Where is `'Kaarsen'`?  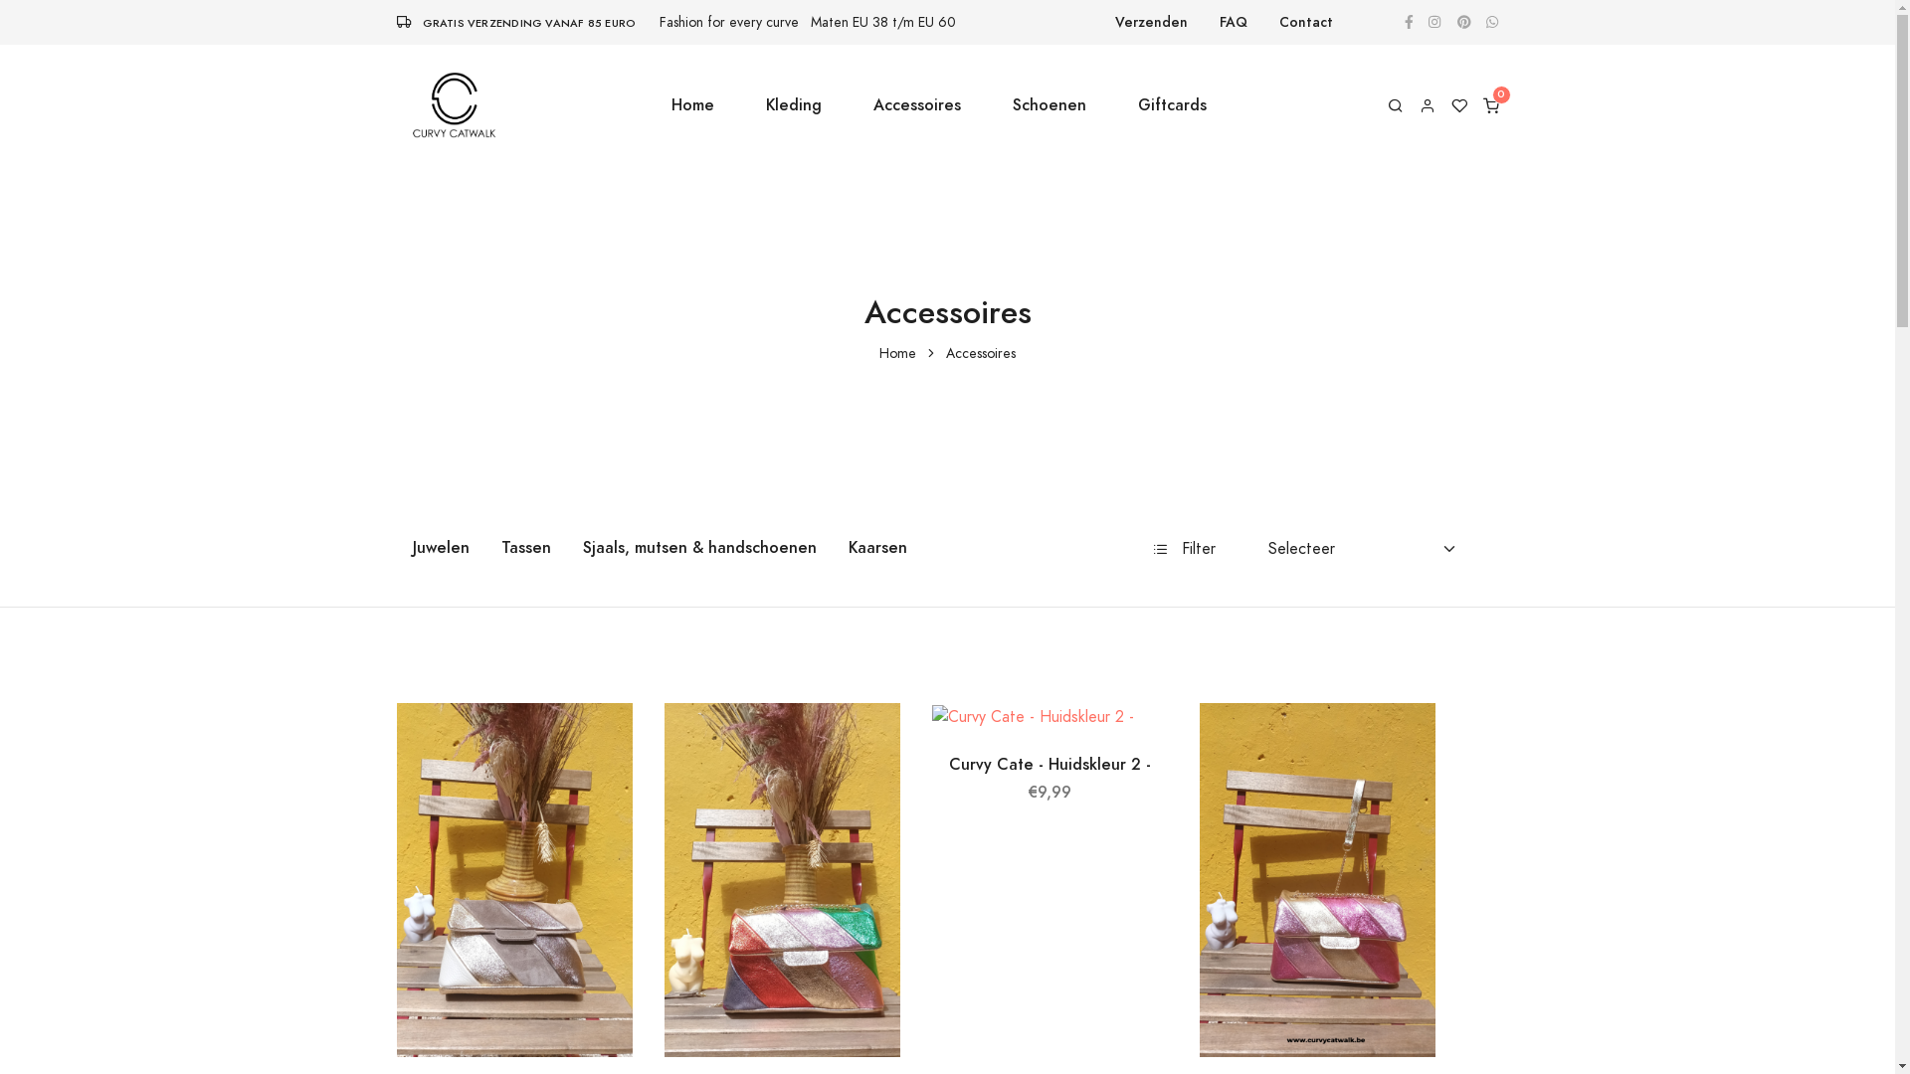
'Kaarsen' is located at coordinates (831, 548).